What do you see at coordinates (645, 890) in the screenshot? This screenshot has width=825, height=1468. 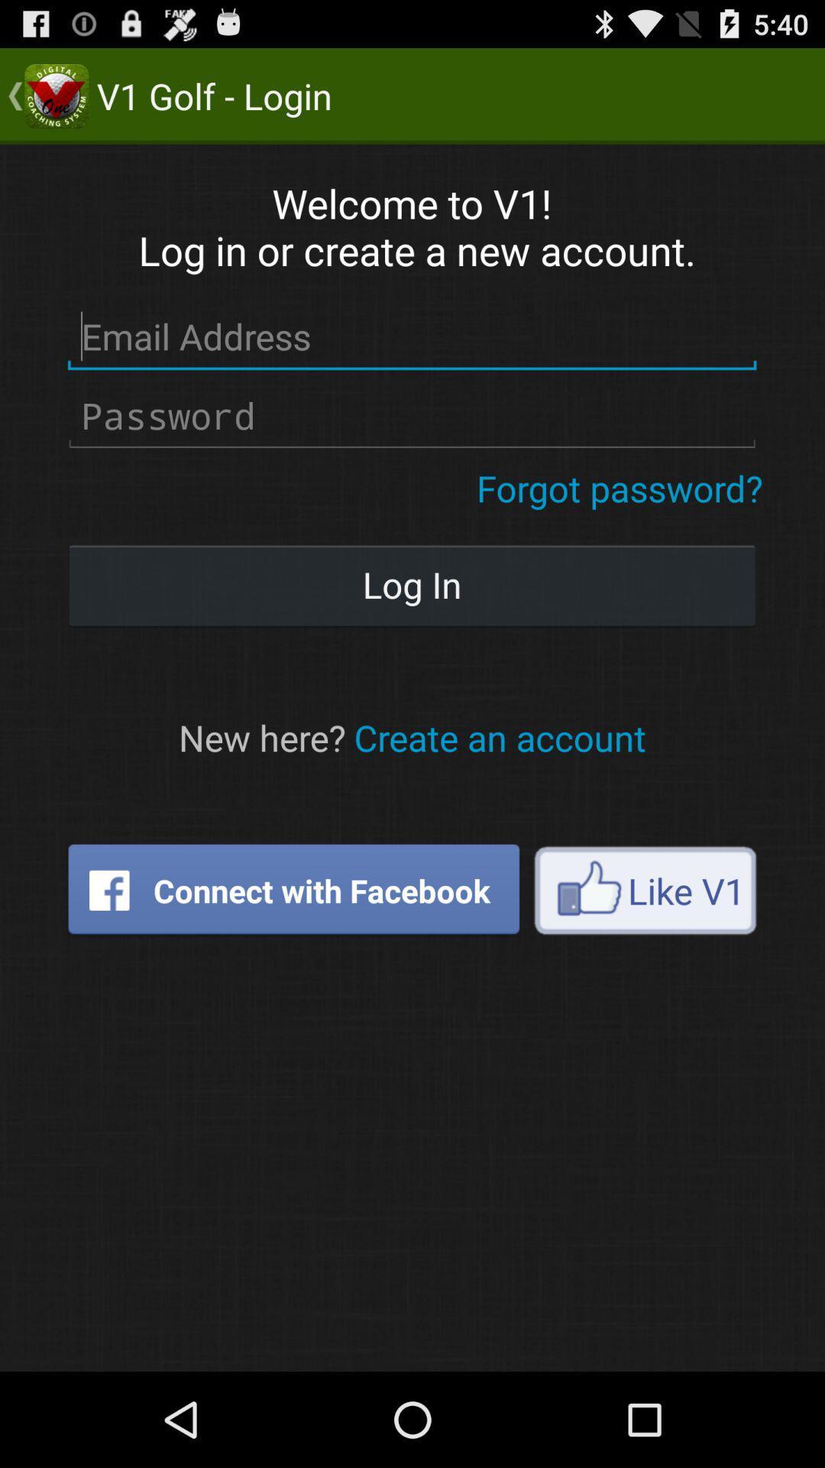 I see `the item to the right of connect with facebook item` at bounding box center [645, 890].